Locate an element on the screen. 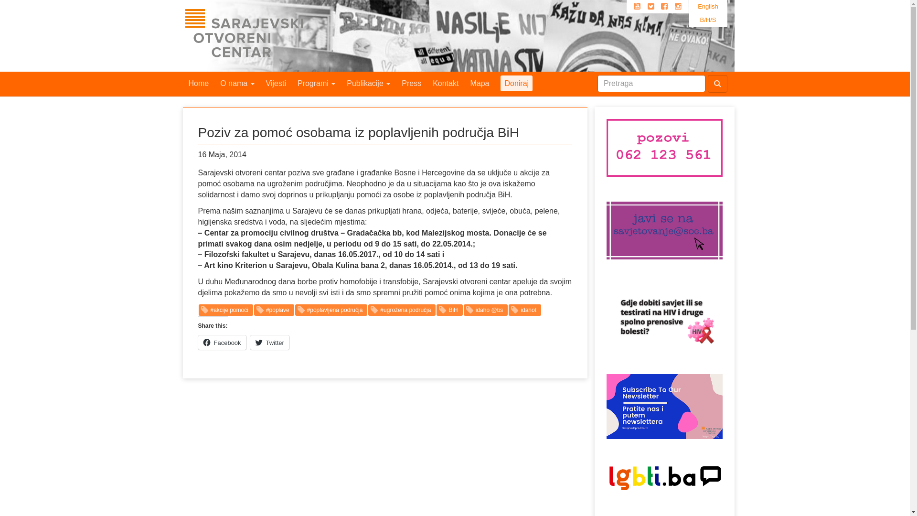 The height and width of the screenshot is (516, 917). 'Mapa' is located at coordinates (464, 83).